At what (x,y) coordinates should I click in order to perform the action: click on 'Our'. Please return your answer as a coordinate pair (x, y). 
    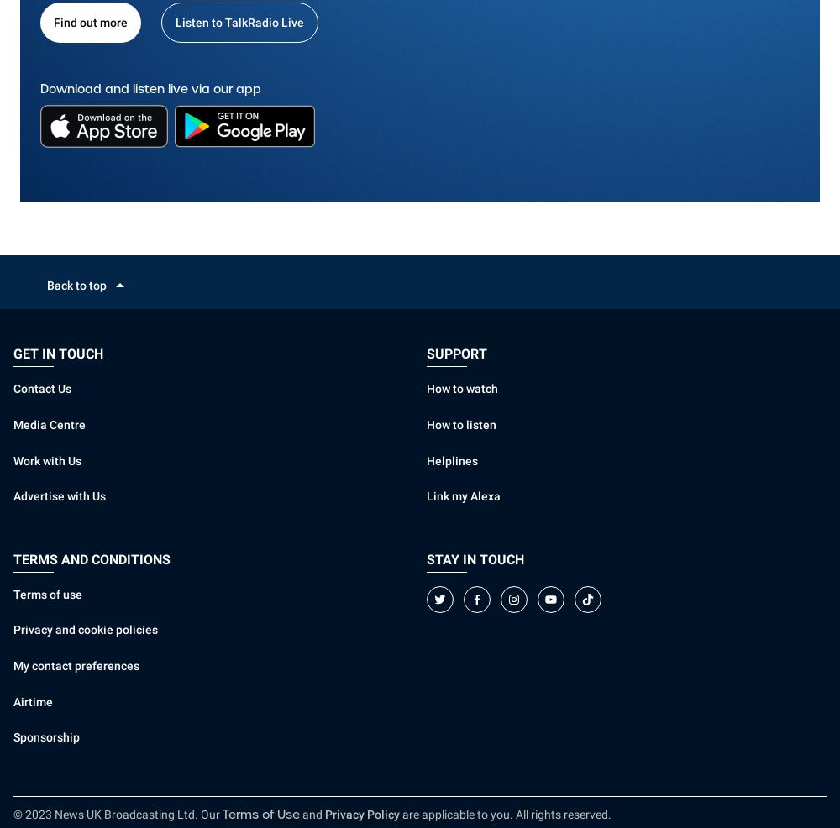
    Looking at the image, I should click on (208, 815).